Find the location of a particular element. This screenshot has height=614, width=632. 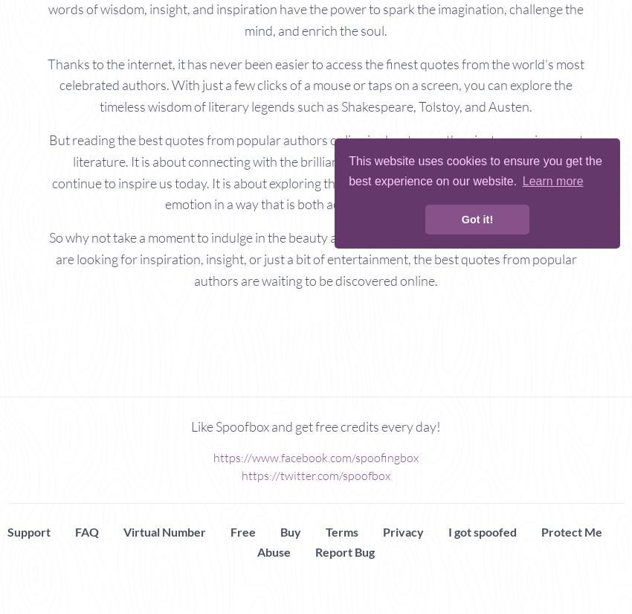

'Buy' is located at coordinates (291, 531).